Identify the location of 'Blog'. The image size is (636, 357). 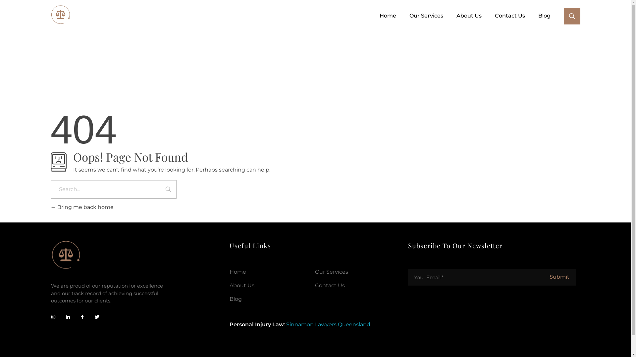
(538, 15).